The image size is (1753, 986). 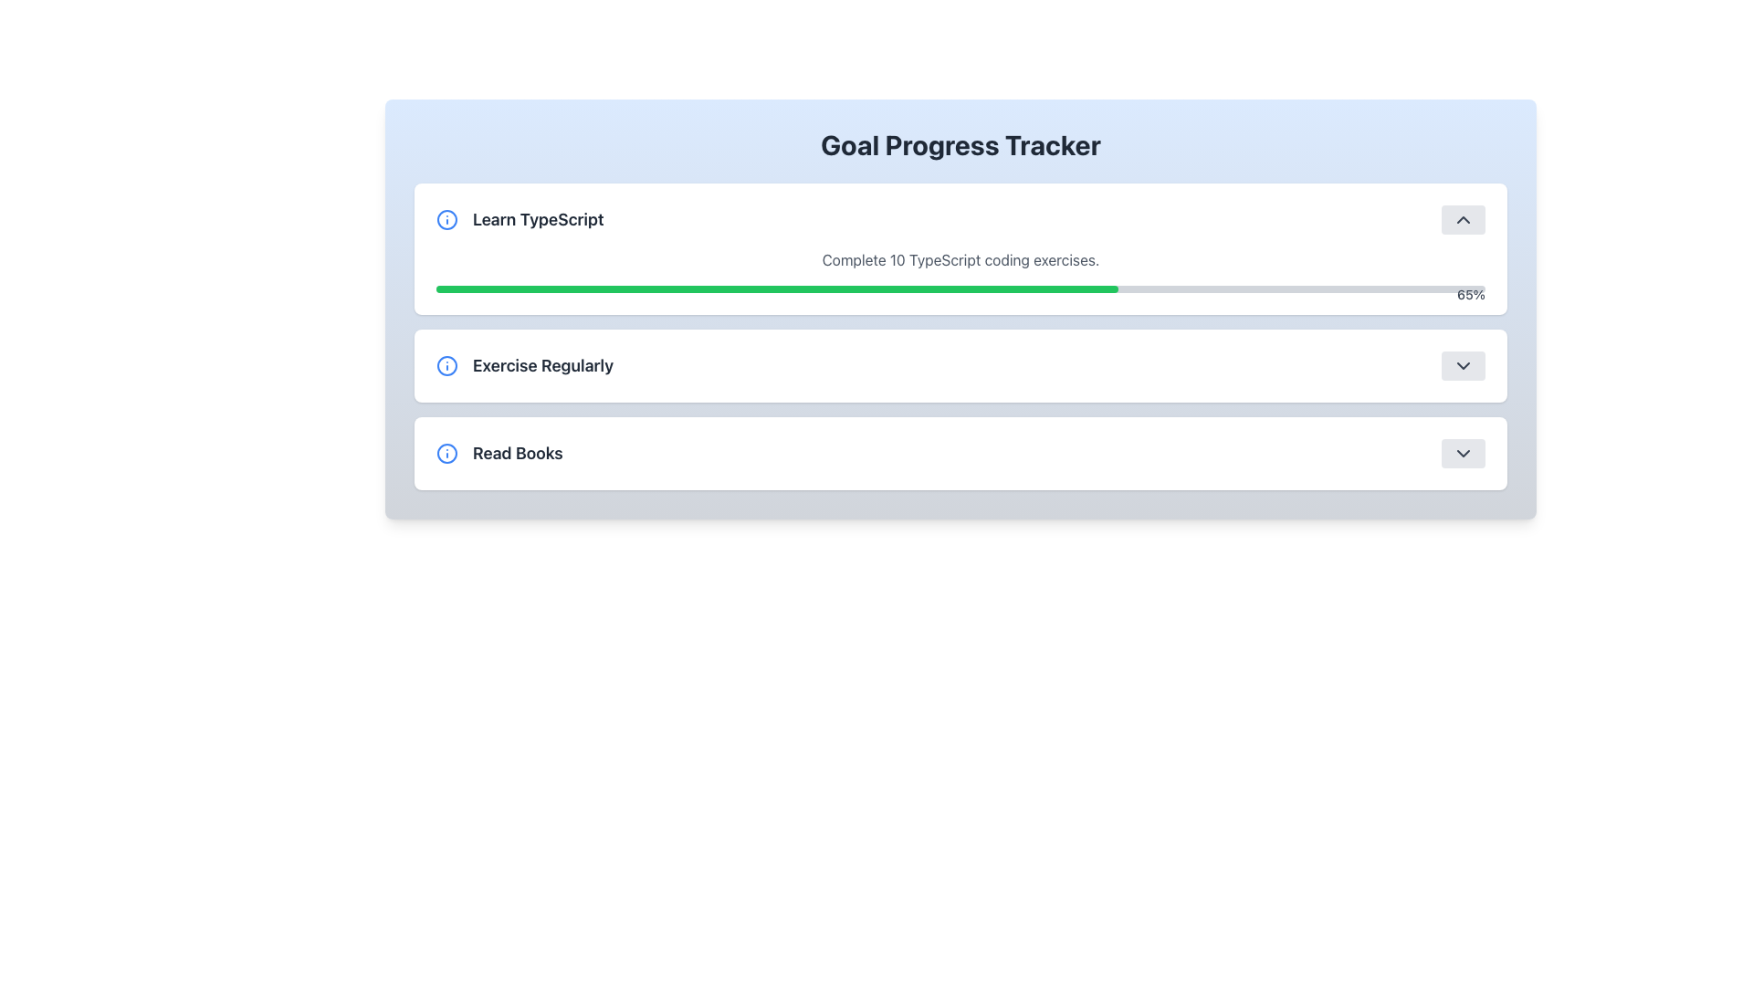 I want to click on the dropdown toggle button styled as a downward pointing chevron located in the top-right corner of the 'Exercise Regularly' section to visualize hover effects, so click(x=1464, y=366).